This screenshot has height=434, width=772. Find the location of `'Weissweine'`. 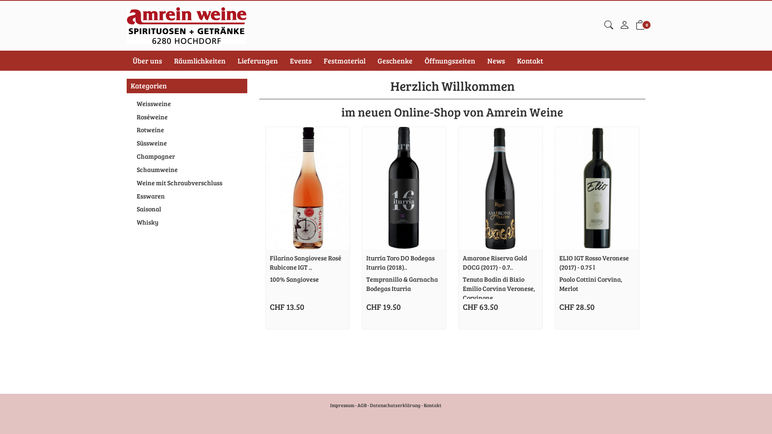

'Weissweine' is located at coordinates (187, 103).